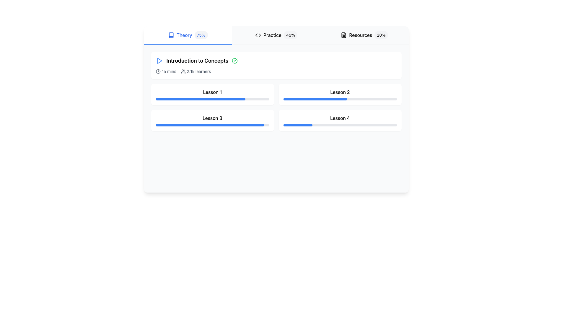 The width and height of the screenshot is (567, 319). Describe the element at coordinates (340, 94) in the screenshot. I see `lesson label of the Card with a progress bar located in the upper-right quadrant of the grid layout, specifically the second item labeled 'Lesson 2'` at that location.